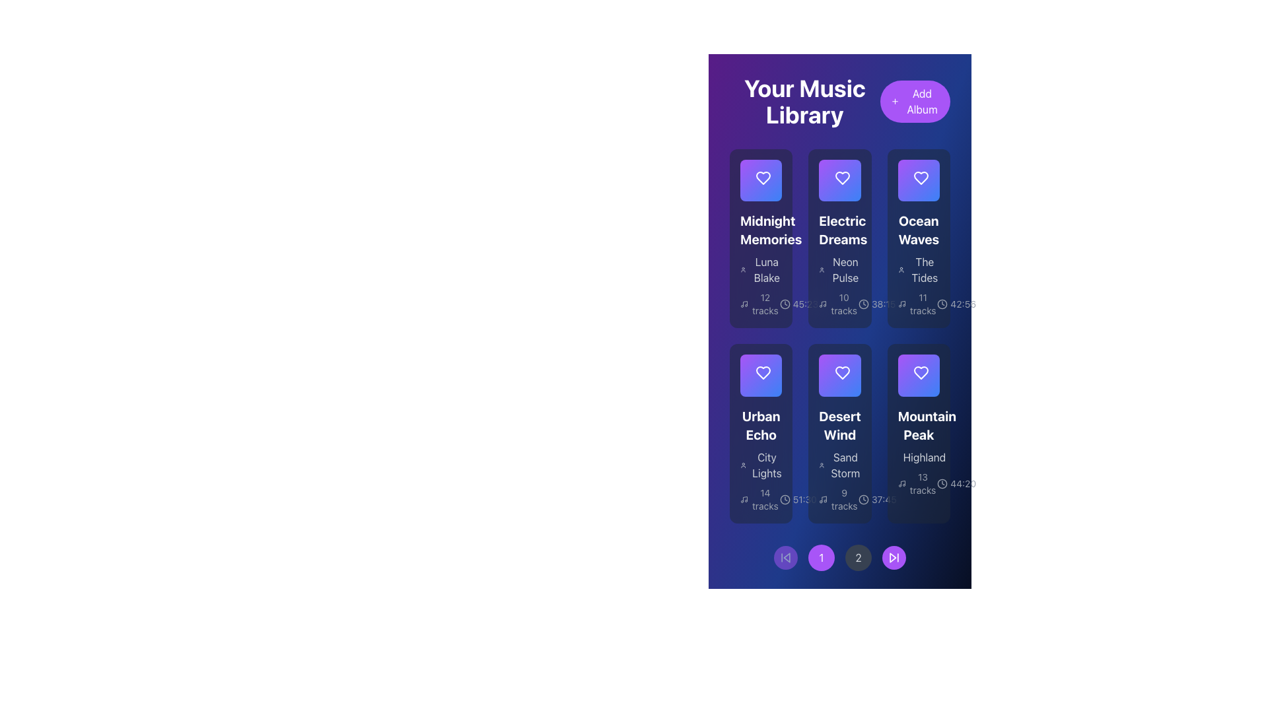 This screenshot has height=713, width=1268. I want to click on the favorite Icon Button located in the upper-left card under 'Your Music Library', which is the first in a row of heart-shaped icons, to possibly see a tooltip, so click(763, 178).